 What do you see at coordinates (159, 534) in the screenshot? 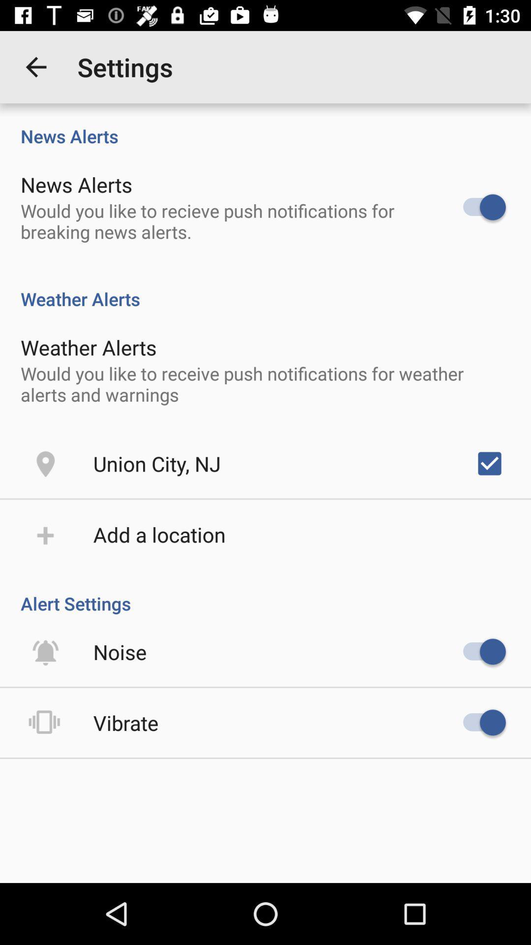
I see `add a location` at bounding box center [159, 534].